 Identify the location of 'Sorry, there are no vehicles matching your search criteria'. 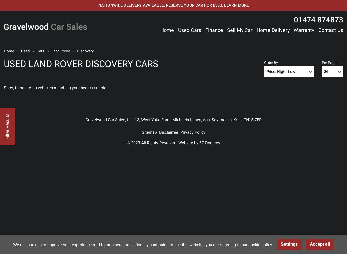
(55, 88).